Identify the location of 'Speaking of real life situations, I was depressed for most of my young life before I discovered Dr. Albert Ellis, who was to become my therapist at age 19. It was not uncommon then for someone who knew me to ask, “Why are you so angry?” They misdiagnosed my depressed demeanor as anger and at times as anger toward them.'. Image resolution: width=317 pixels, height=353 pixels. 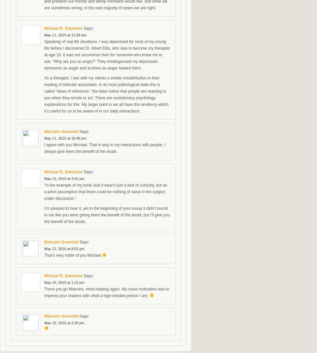
(44, 55).